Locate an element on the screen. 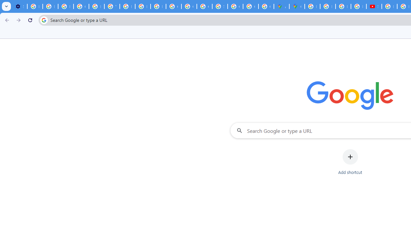  'Add shortcut' is located at coordinates (350, 162).